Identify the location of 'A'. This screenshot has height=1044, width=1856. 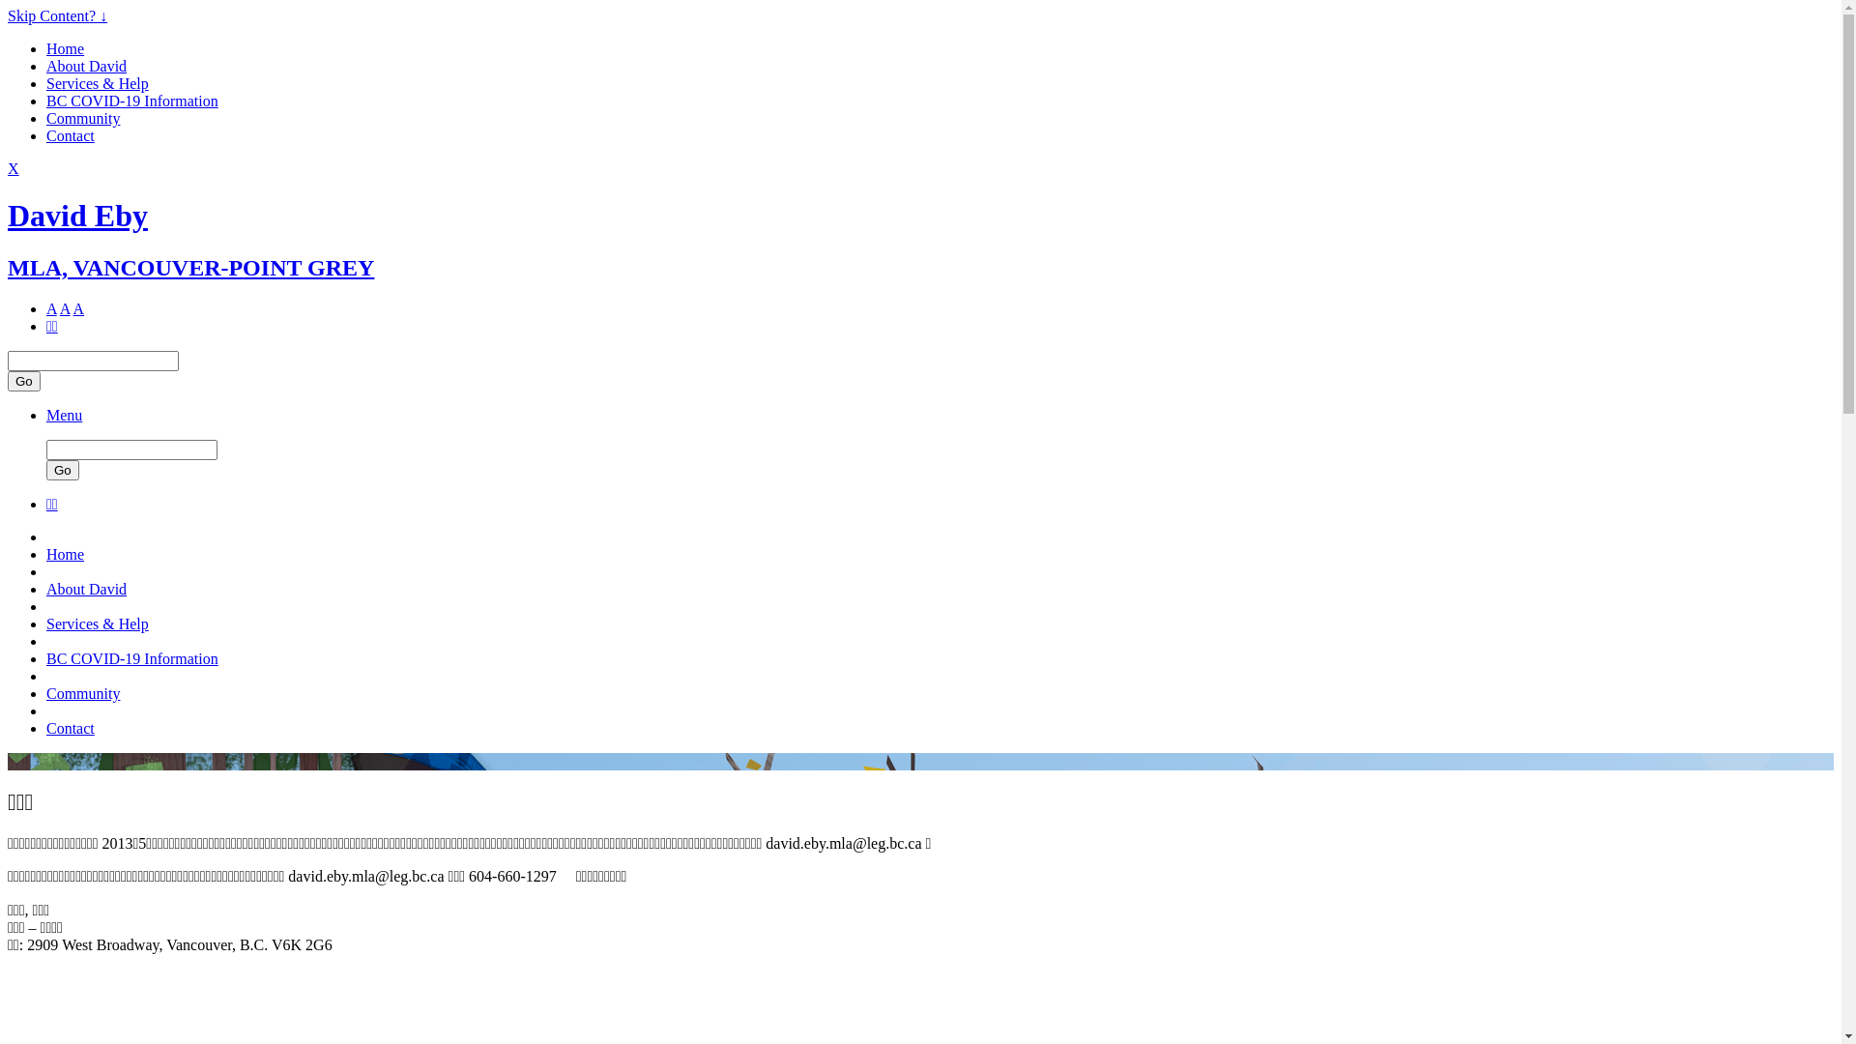
(77, 307).